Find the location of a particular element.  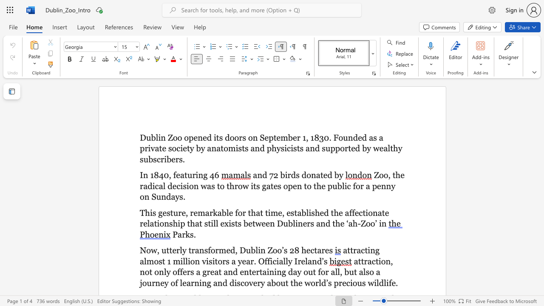

the subset text "ship that still exists between Dubliners and" within the text "the affectionate relationship that still exists between Dubliners and the ‘ah-Zoo’ in" is located at coordinates (169, 223).